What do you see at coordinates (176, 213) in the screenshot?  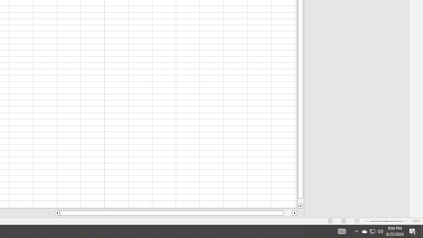 I see `'Class: NetUIScrollBar'` at bounding box center [176, 213].